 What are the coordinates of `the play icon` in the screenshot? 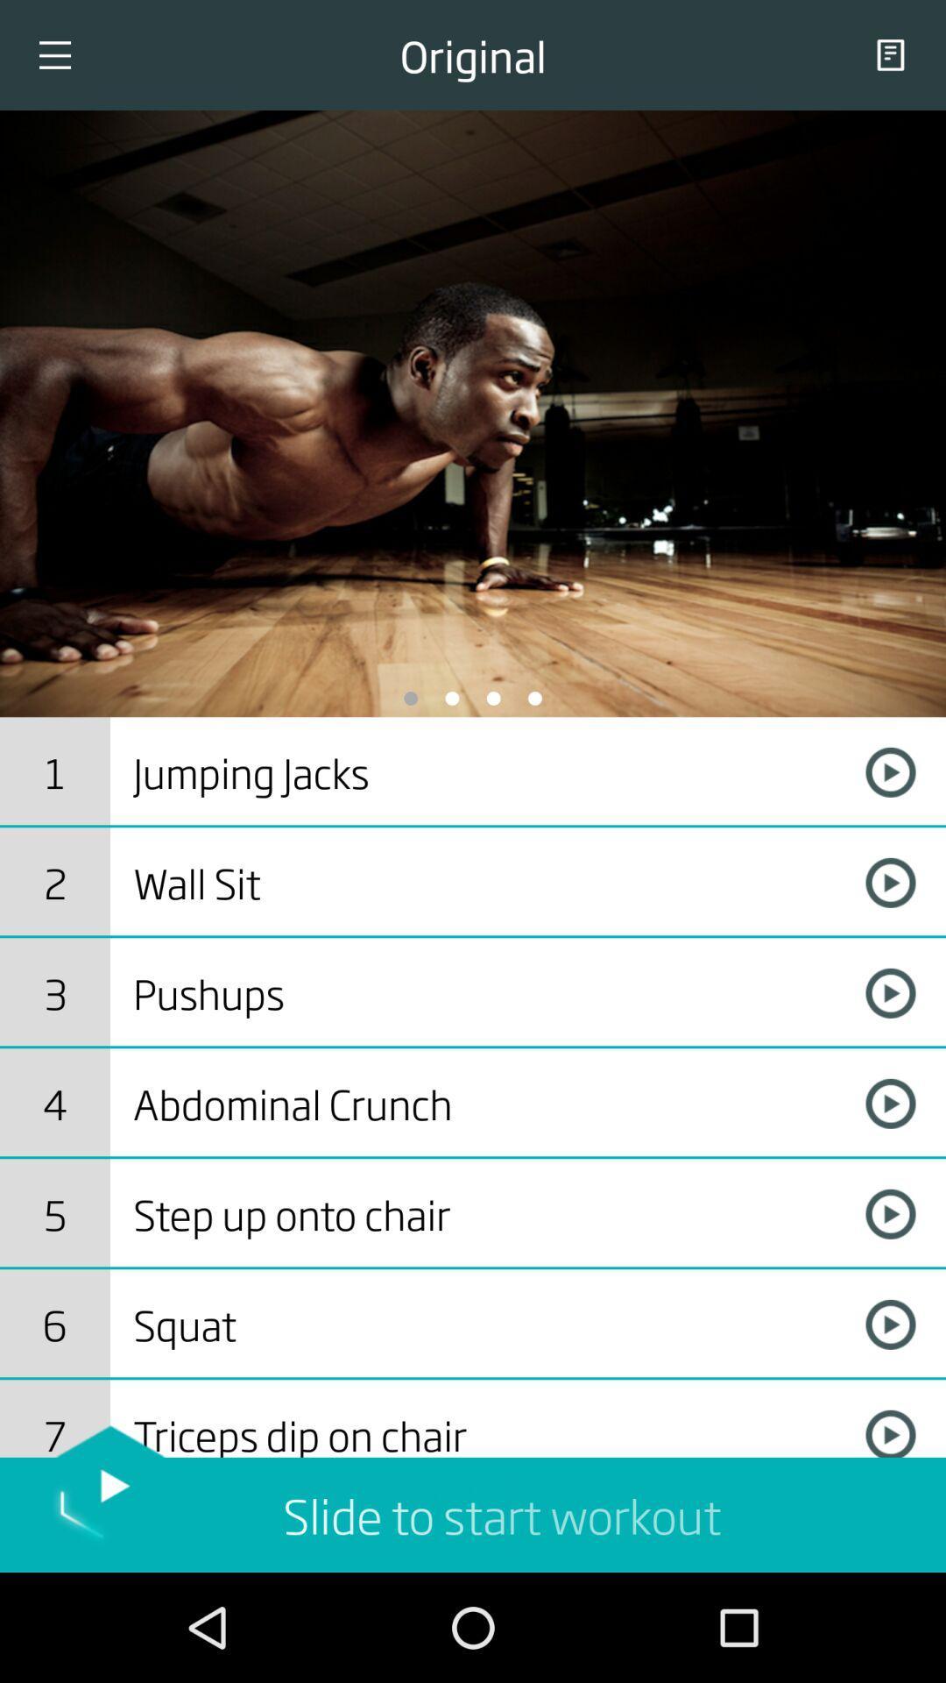 It's located at (891, 1103).